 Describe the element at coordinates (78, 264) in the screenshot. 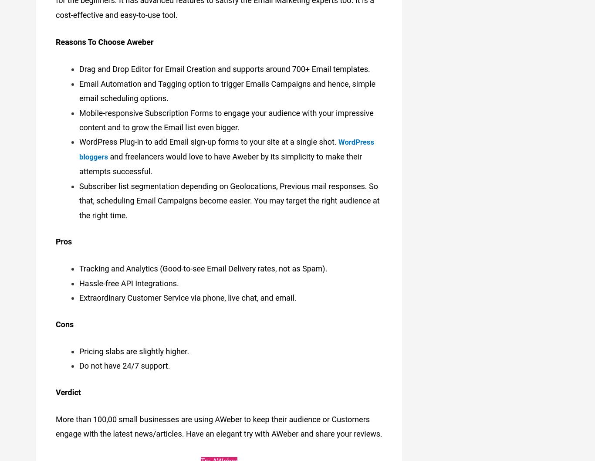

I see `'Tracking and Analytics (Good-to-see Email Delivery rates, not as Spam).'` at that location.